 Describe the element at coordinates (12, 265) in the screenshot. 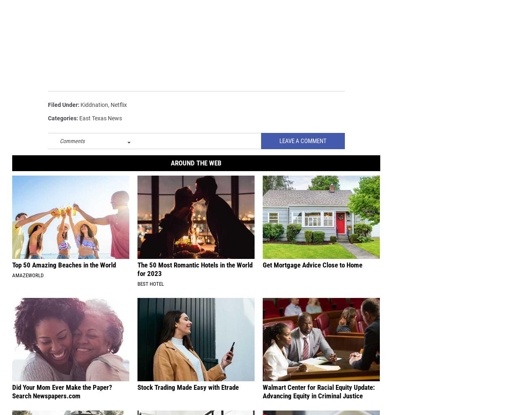

I see `'Top 50 Amazing Beaches in the World'` at that location.